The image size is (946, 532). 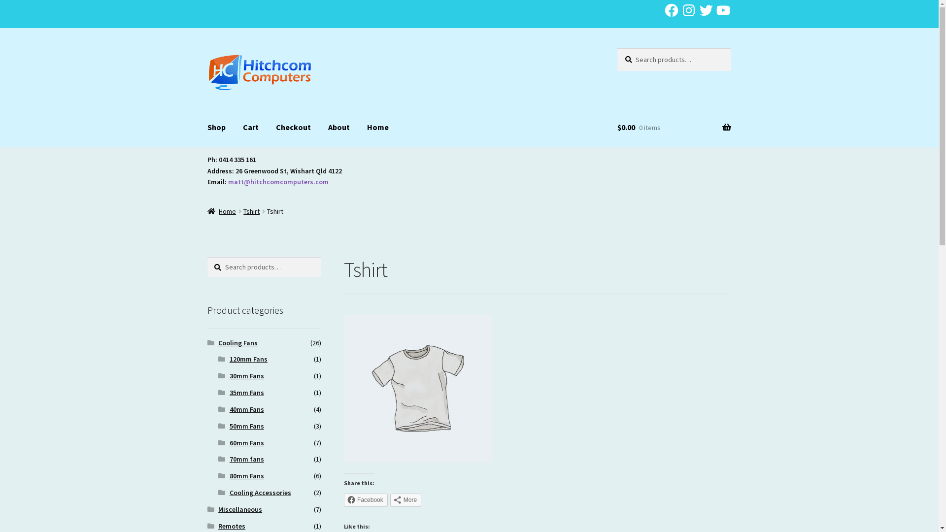 I want to click on 'Remotes', so click(x=231, y=526).